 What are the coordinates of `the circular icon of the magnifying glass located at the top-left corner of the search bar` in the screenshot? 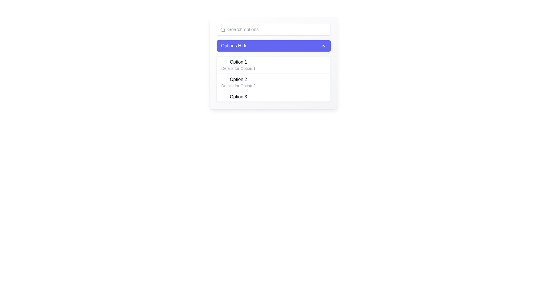 It's located at (222, 30).